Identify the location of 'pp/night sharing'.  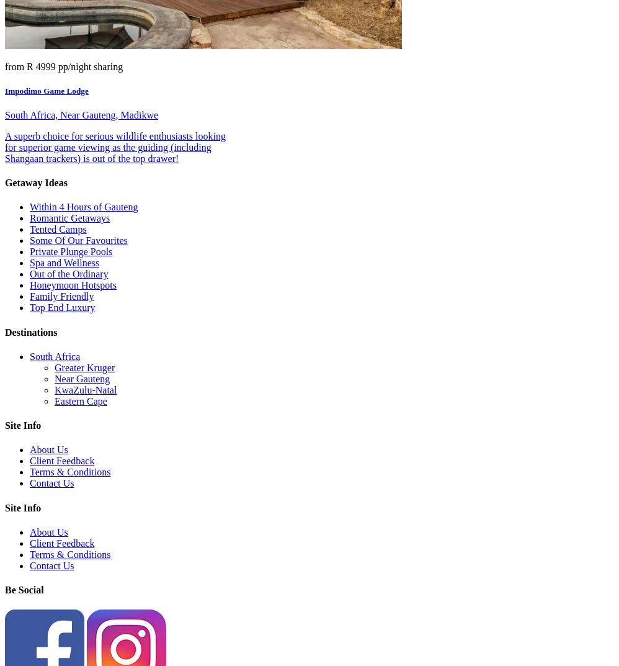
(90, 66).